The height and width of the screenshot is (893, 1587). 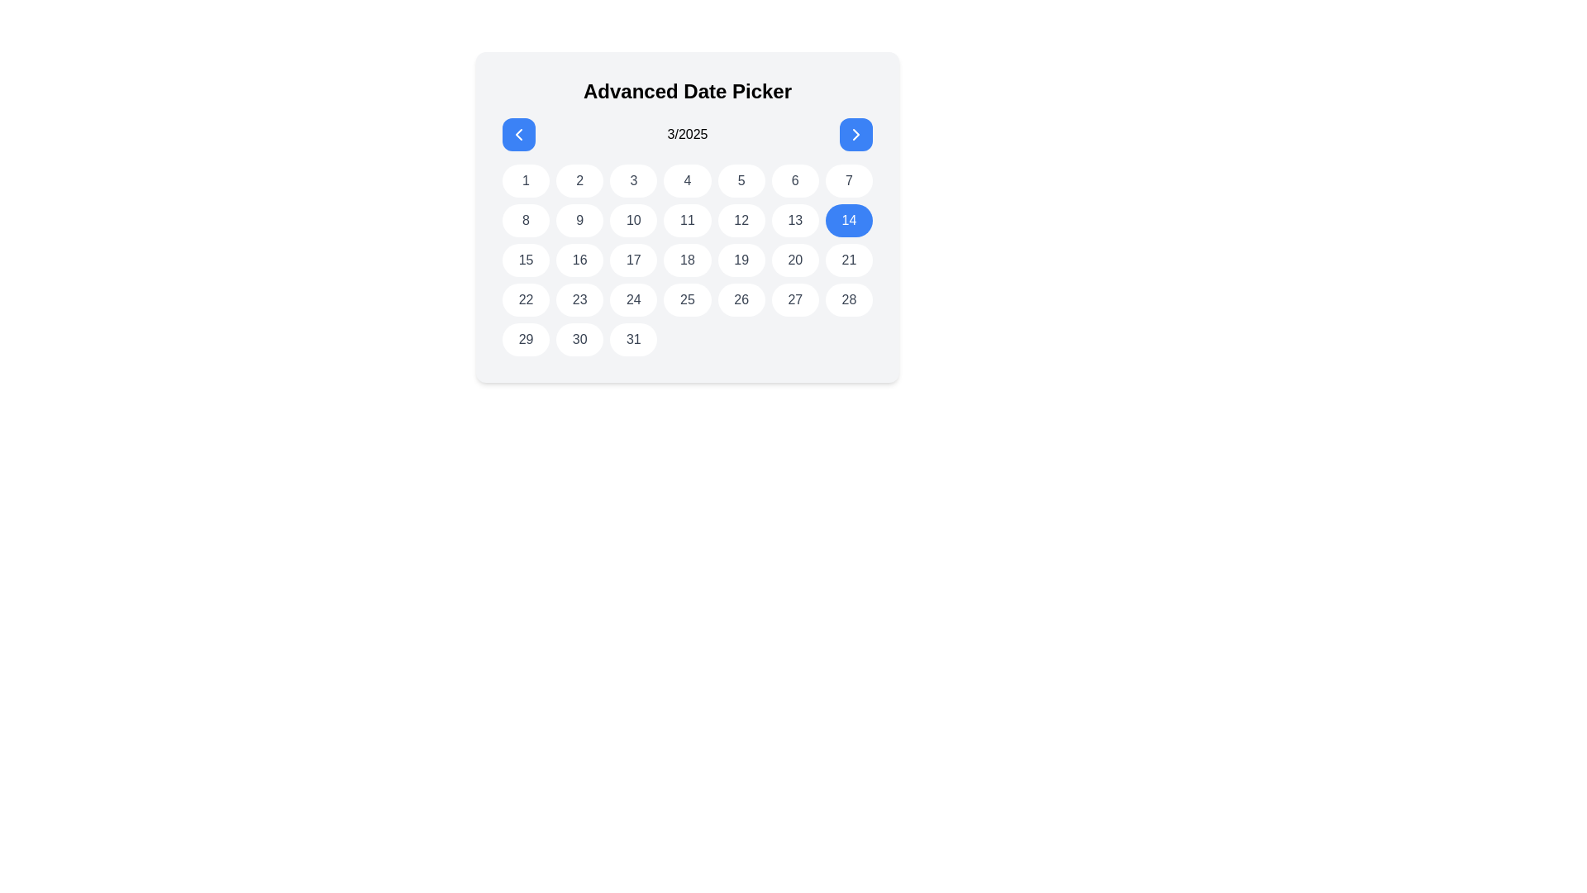 What do you see at coordinates (525, 260) in the screenshot?
I see `the day selector button for the 15th day in the calendar component, located in the third row and first column of the grid layout` at bounding box center [525, 260].